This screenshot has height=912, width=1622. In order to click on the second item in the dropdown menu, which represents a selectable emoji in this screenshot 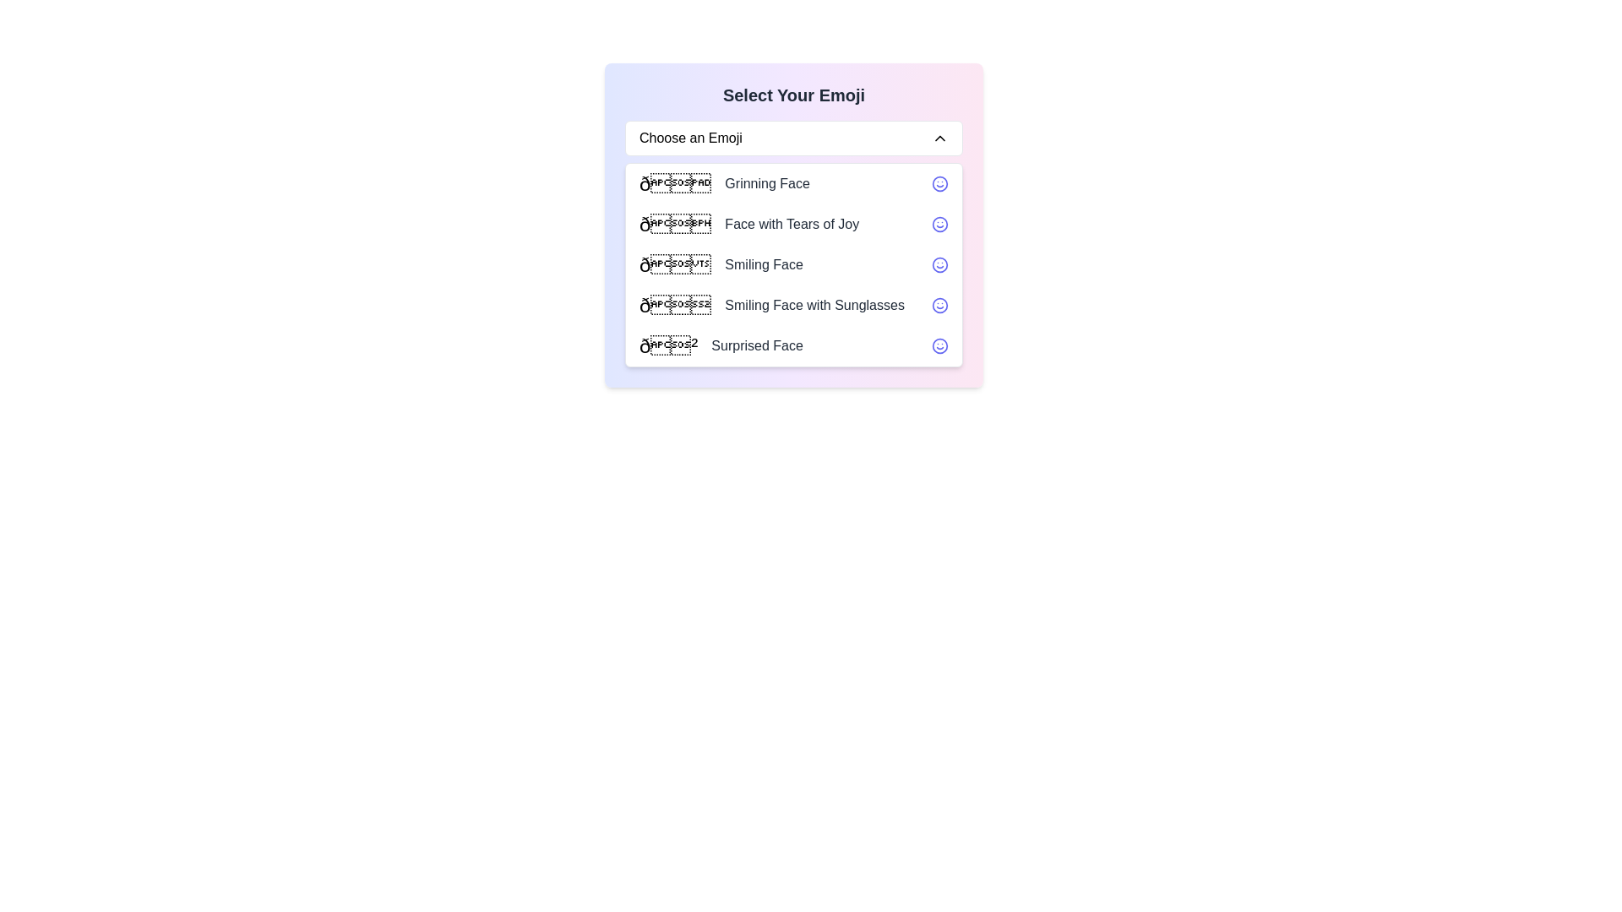, I will do `click(748, 224)`.